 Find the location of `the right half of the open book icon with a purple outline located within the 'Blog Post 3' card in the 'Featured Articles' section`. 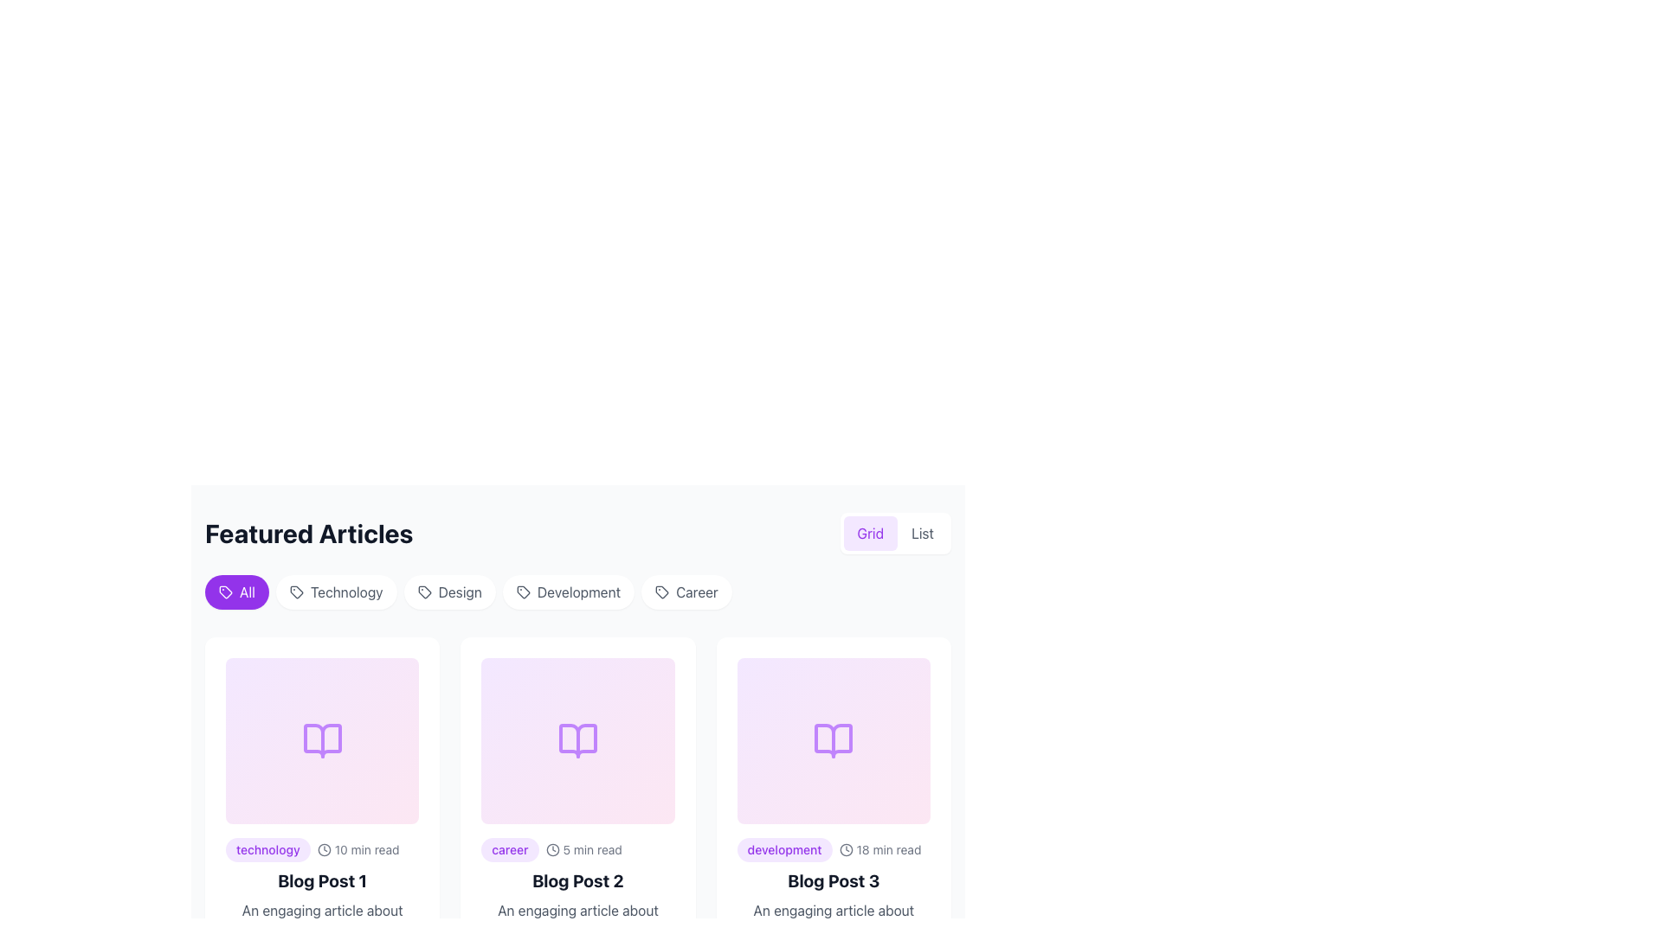

the right half of the open book icon with a purple outline located within the 'Blog Post 3' card in the 'Featured Articles' section is located at coordinates (834, 739).